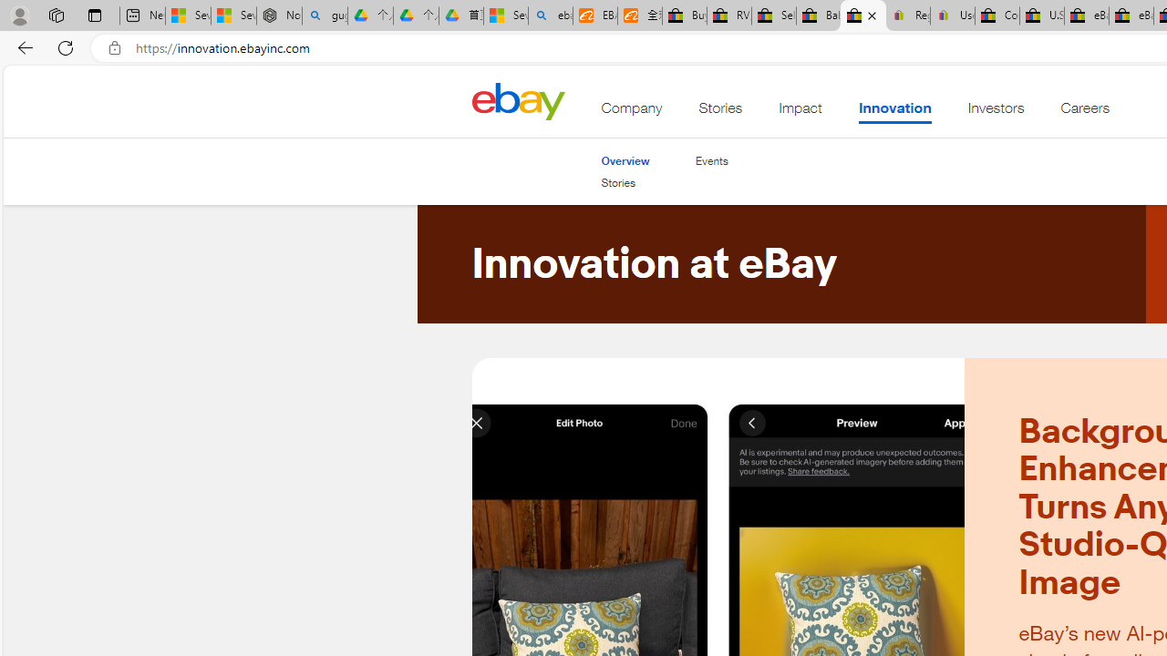 This screenshot has width=1167, height=656. I want to click on 'Investors', so click(995, 112).